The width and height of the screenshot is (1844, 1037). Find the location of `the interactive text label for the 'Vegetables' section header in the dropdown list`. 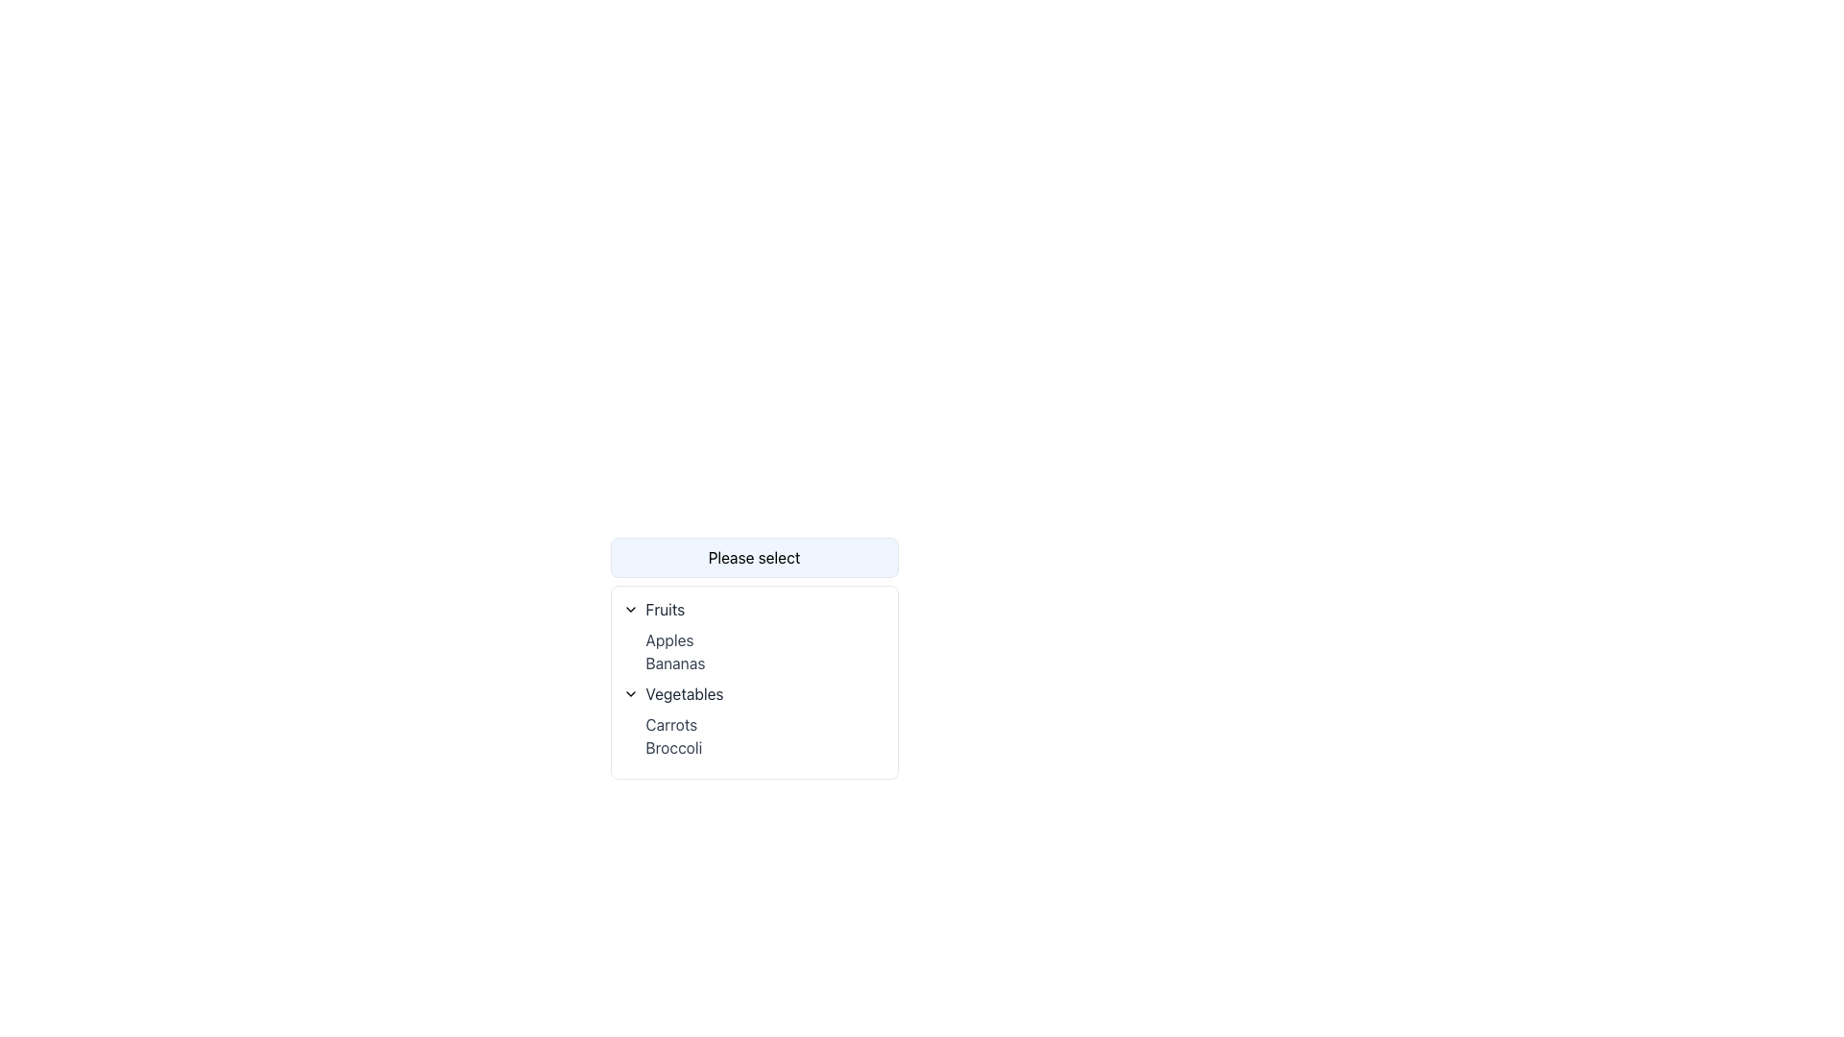

the interactive text label for the 'Vegetables' section header in the dropdown list is located at coordinates (684, 693).